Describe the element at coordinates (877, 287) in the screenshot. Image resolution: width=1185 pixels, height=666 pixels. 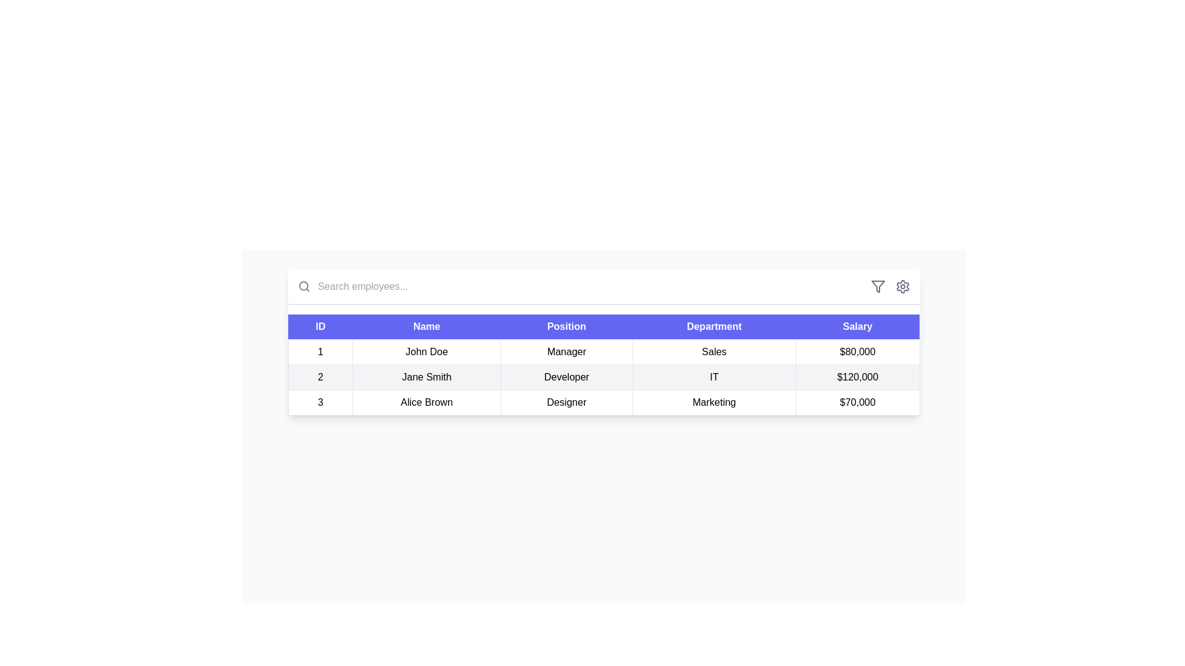
I see `the filter icon located in the top right corner of the user interface` at that location.